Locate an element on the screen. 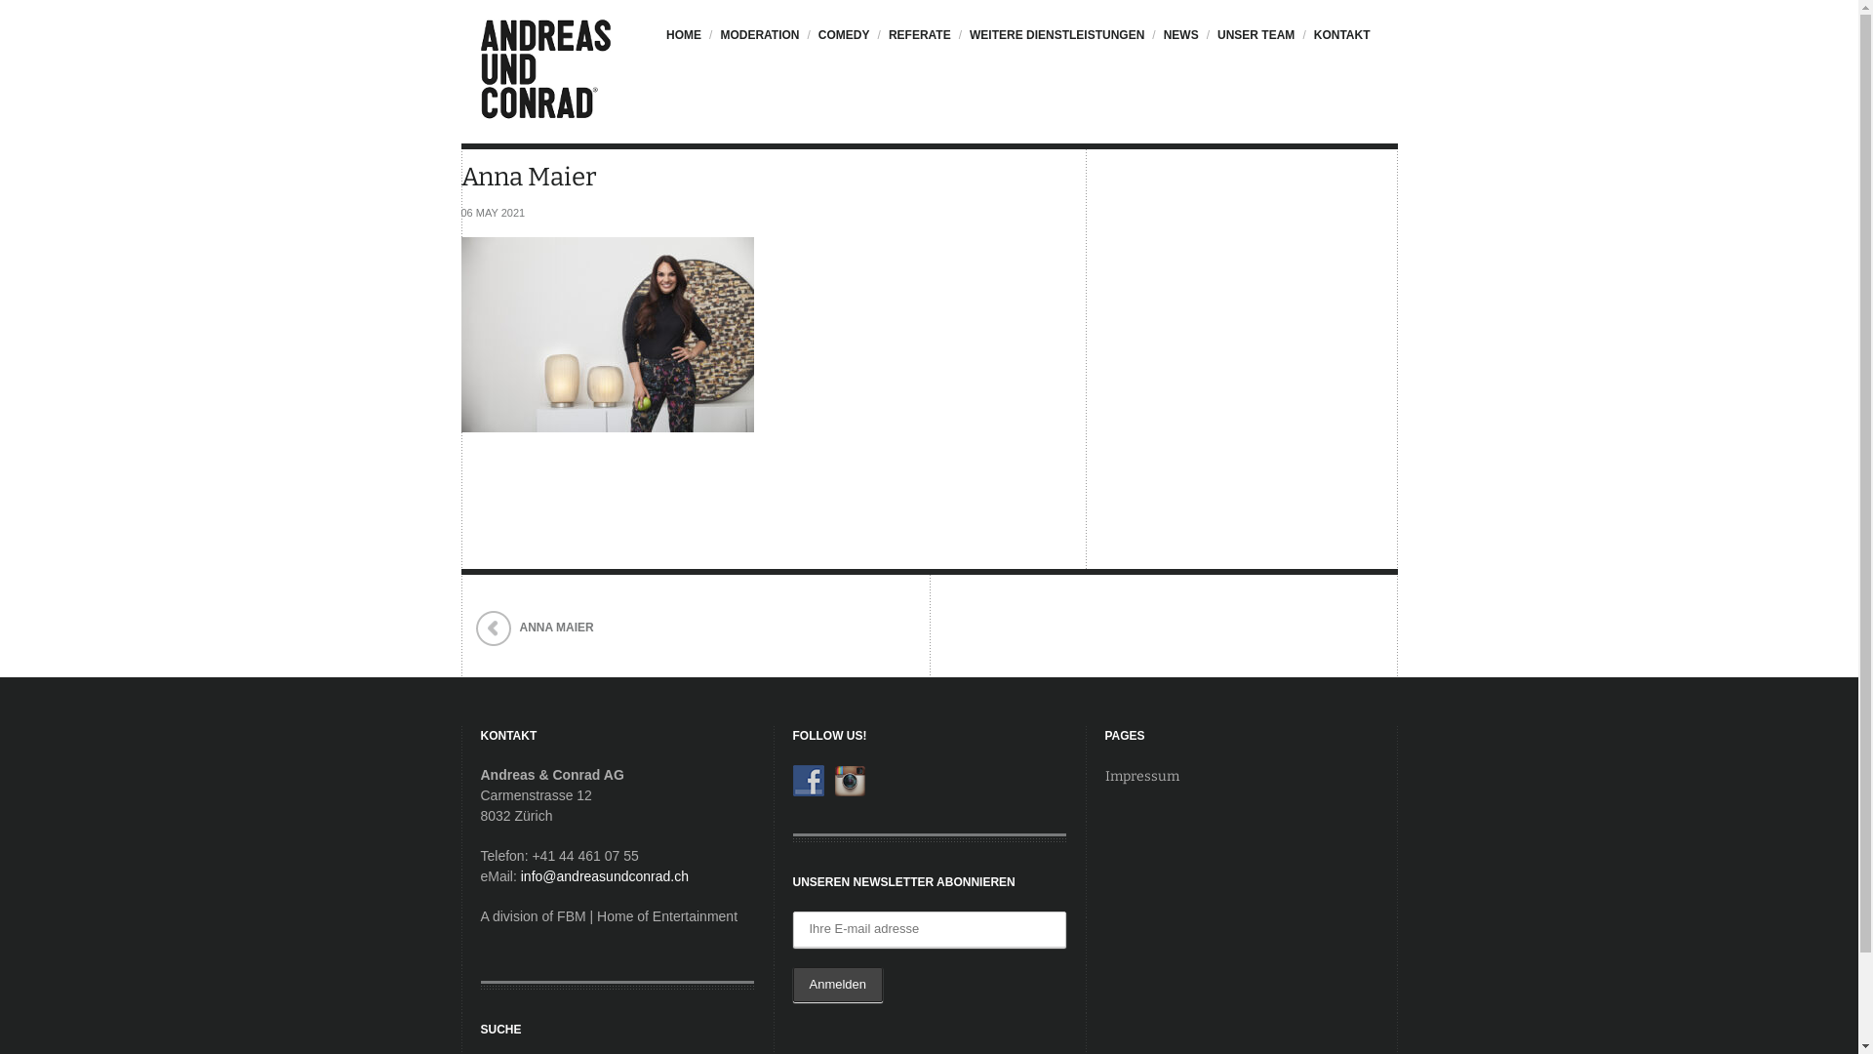  'KONTAKT' is located at coordinates (1338, 44).